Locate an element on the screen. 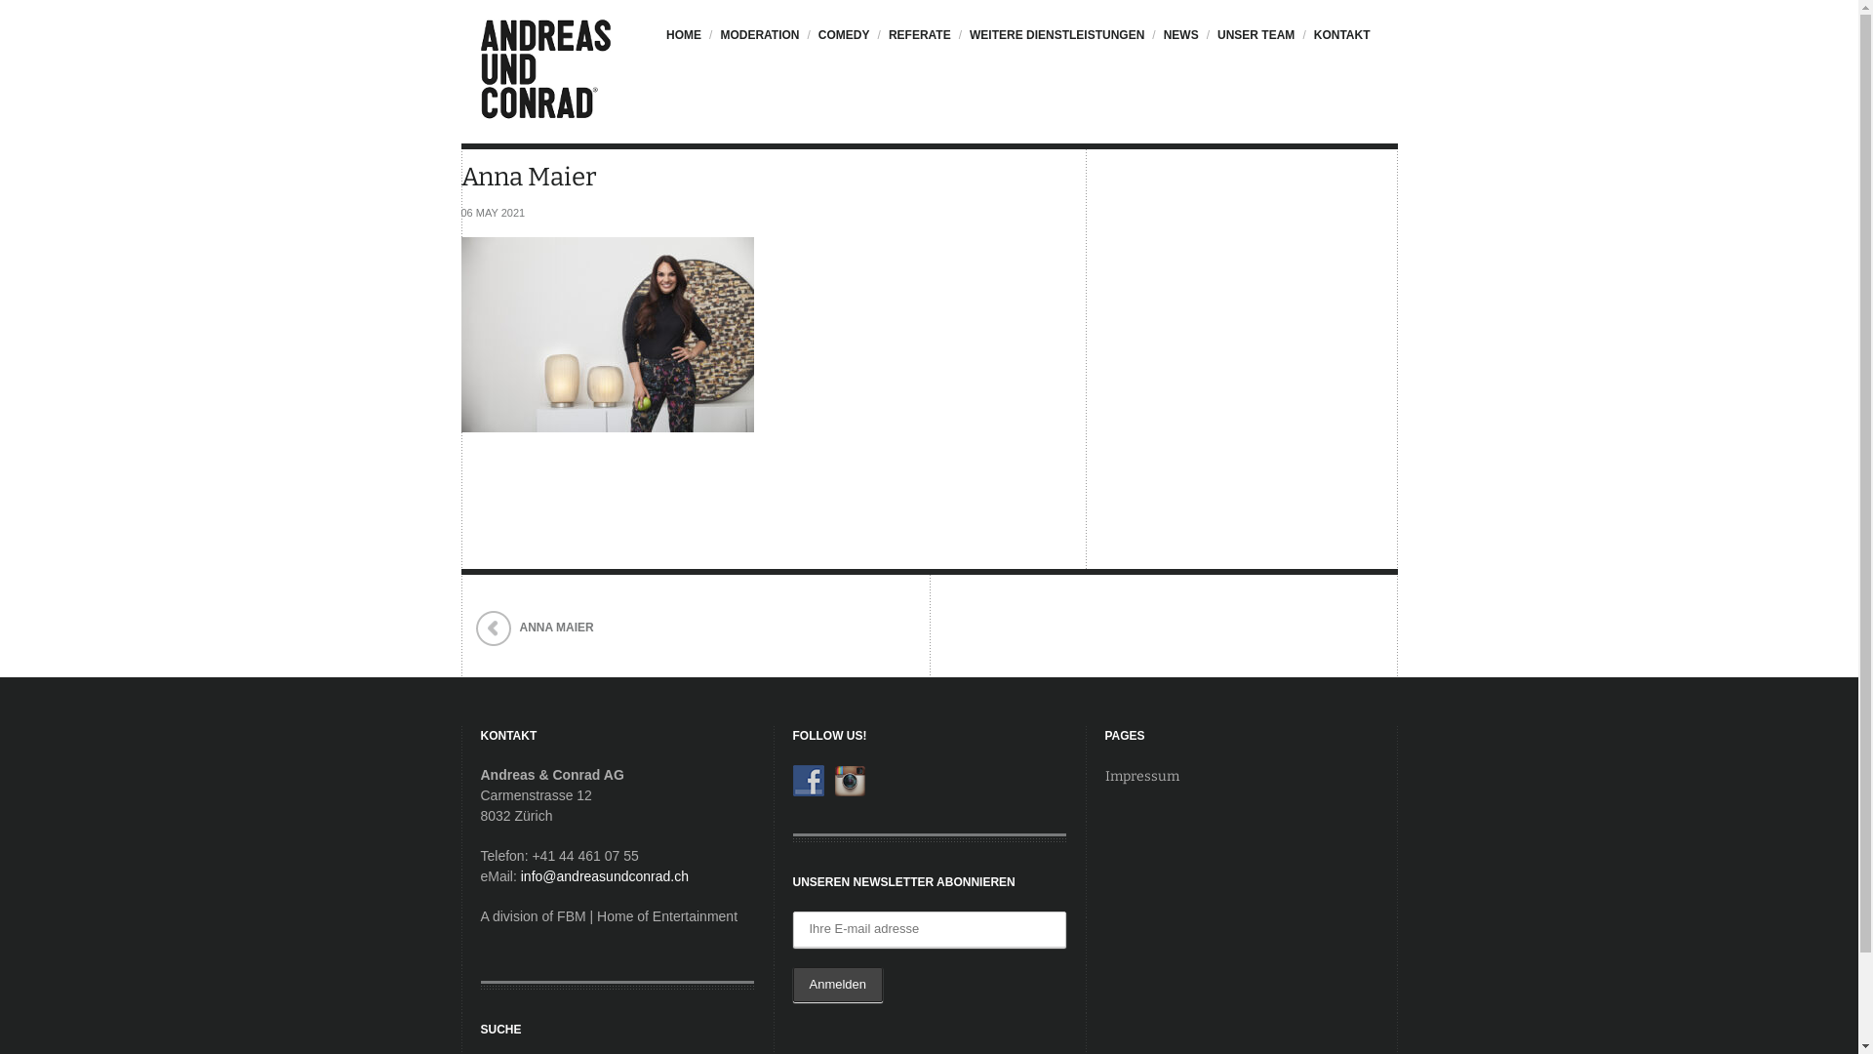  'KONTAKT' is located at coordinates (1338, 44).